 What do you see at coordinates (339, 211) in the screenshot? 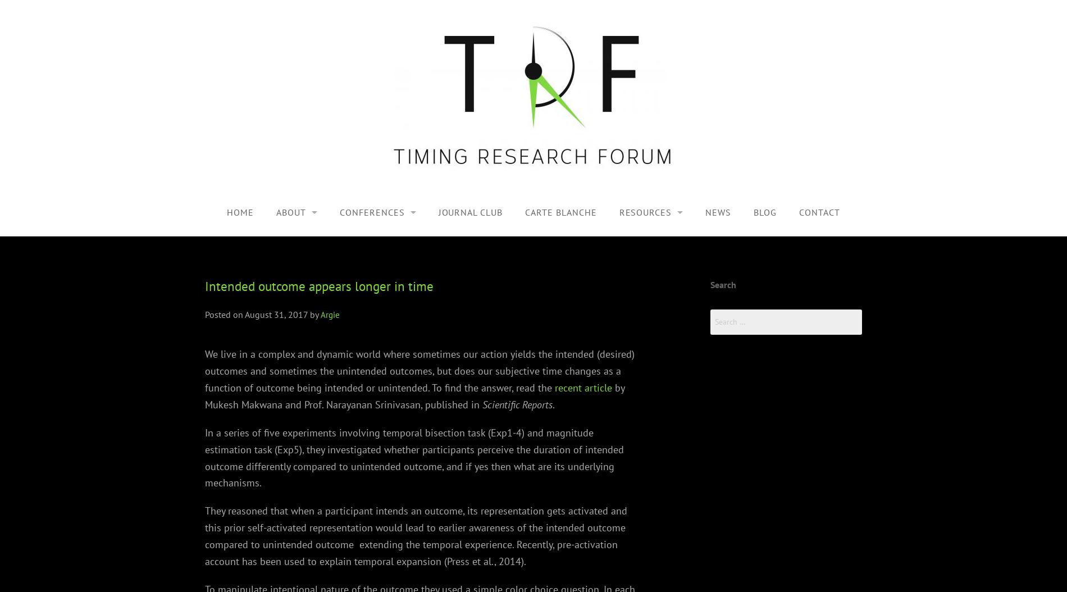
I see `'Conferences'` at bounding box center [339, 211].